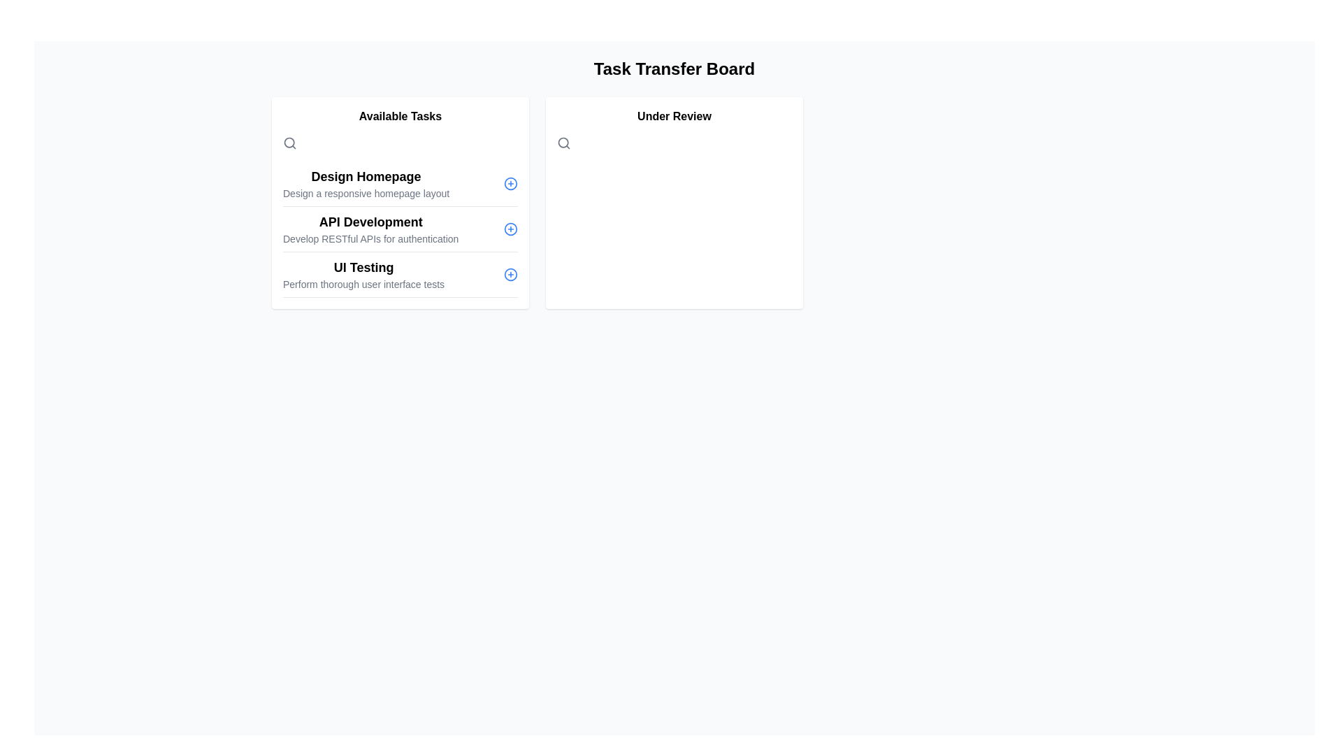 Image resolution: width=1342 pixels, height=755 pixels. I want to click on the task list item labeled 'API Development' in the 'Available Tasks' section, which is positioned between 'Design Homepage' and 'UI Testing', so click(399, 229).